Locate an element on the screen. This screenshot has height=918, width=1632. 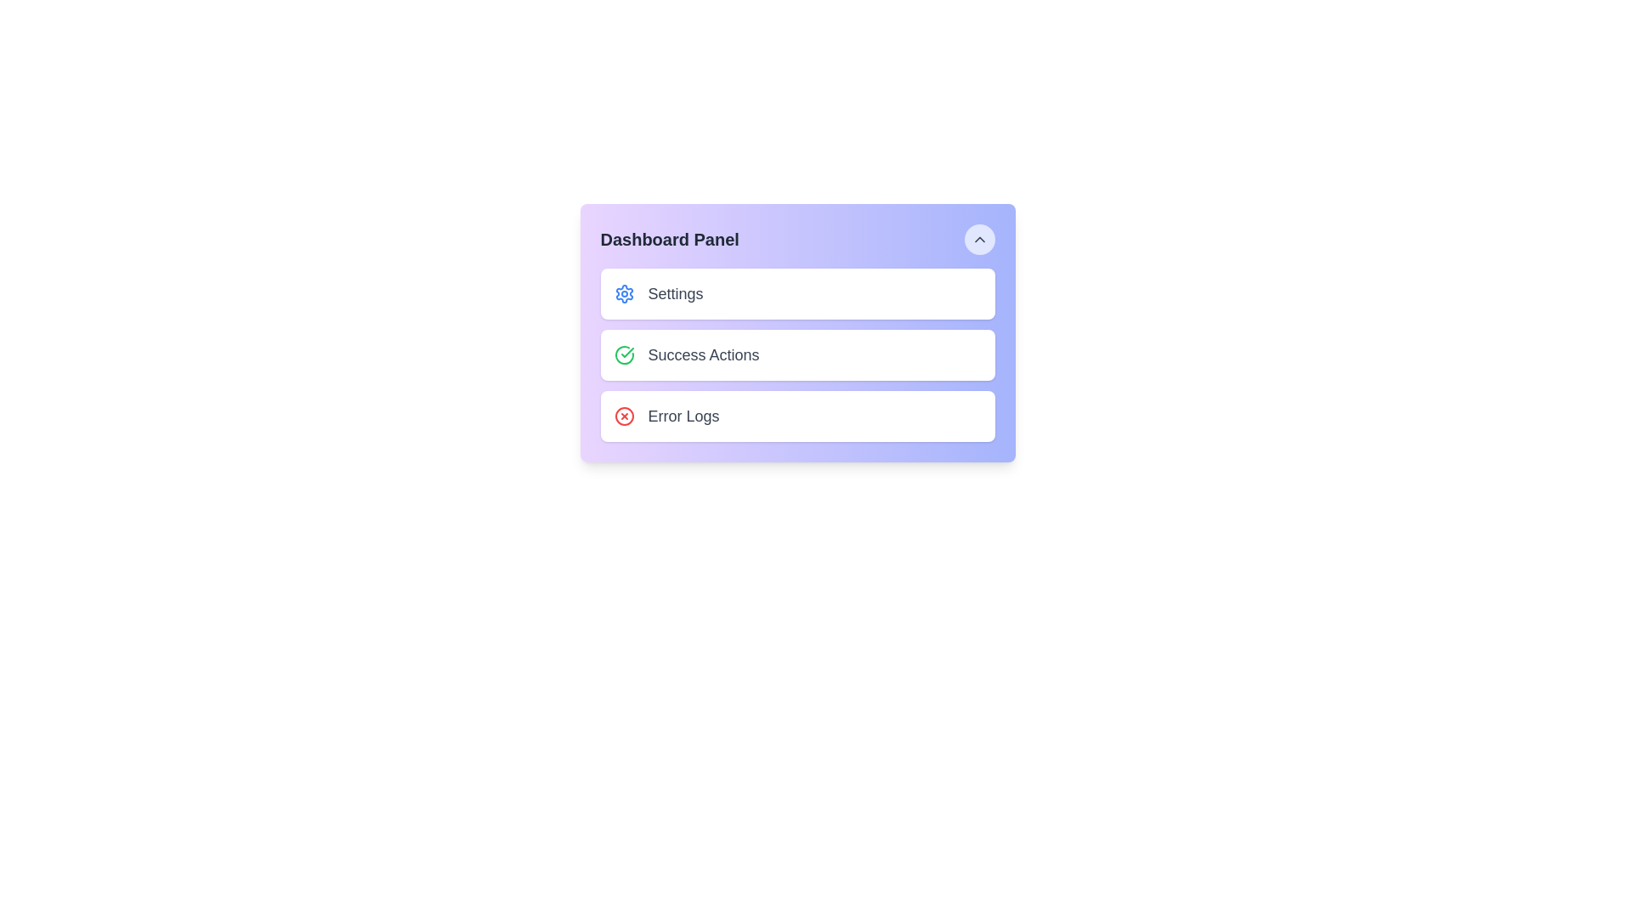
the SVG Circle Component that forms the visual boundary of the error icon located to the left of the 'Error Logs' text in the dashboard panel is located at coordinates (623, 416).